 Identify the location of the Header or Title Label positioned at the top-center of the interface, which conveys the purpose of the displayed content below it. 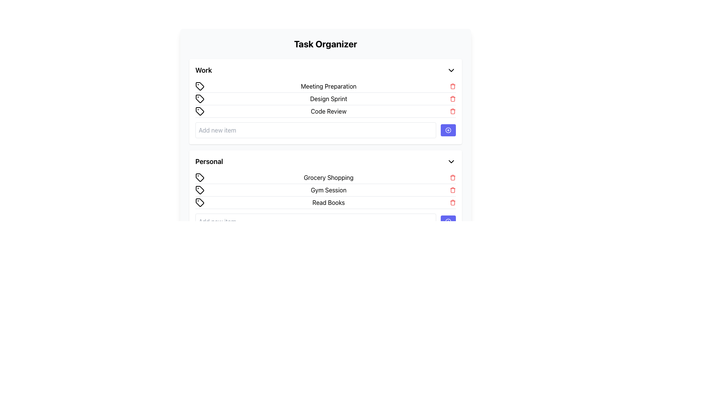
(325, 44).